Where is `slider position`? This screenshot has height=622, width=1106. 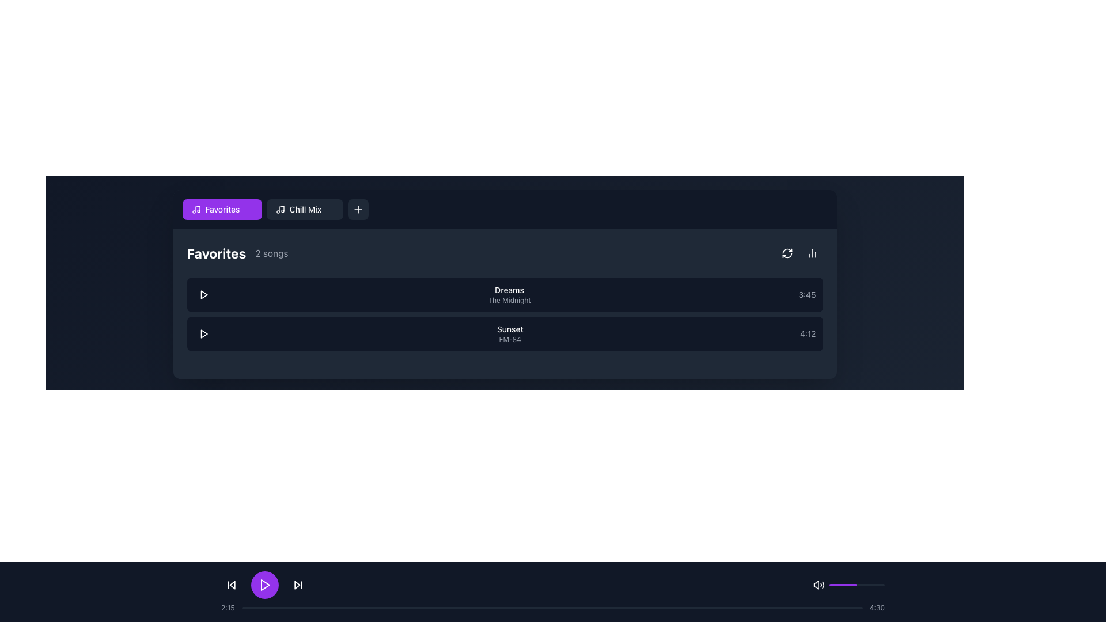
slider position is located at coordinates (843, 585).